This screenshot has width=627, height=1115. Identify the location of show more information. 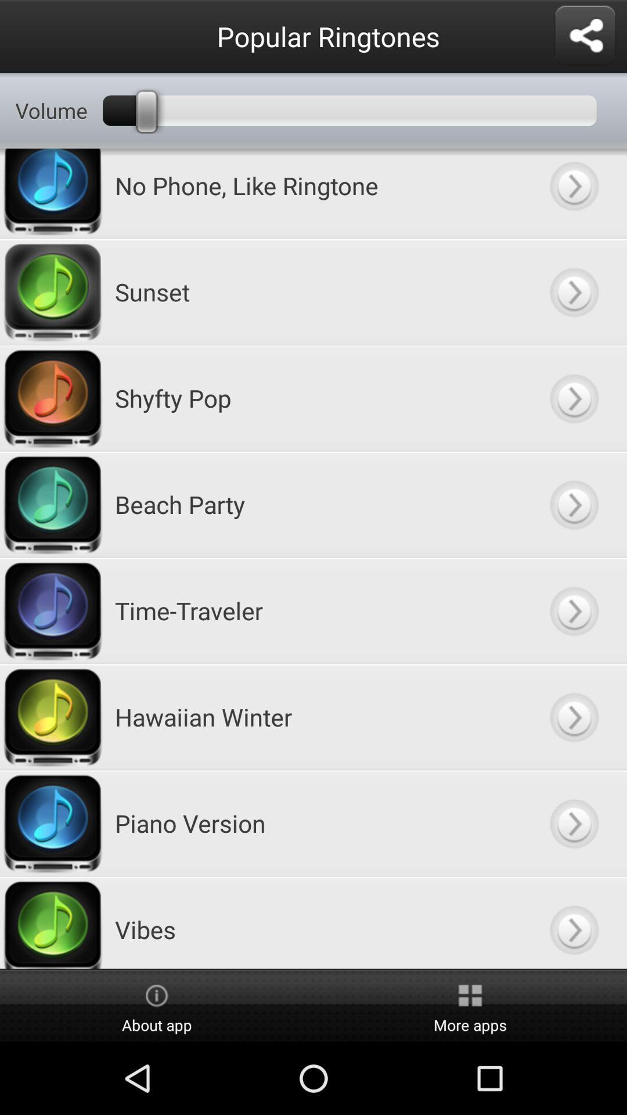
(573, 610).